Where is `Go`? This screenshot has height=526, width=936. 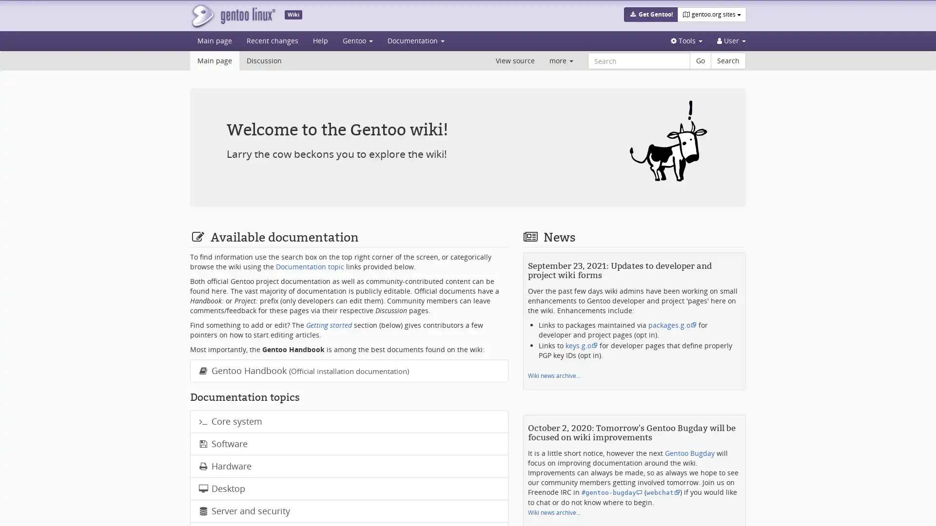
Go is located at coordinates (700, 60).